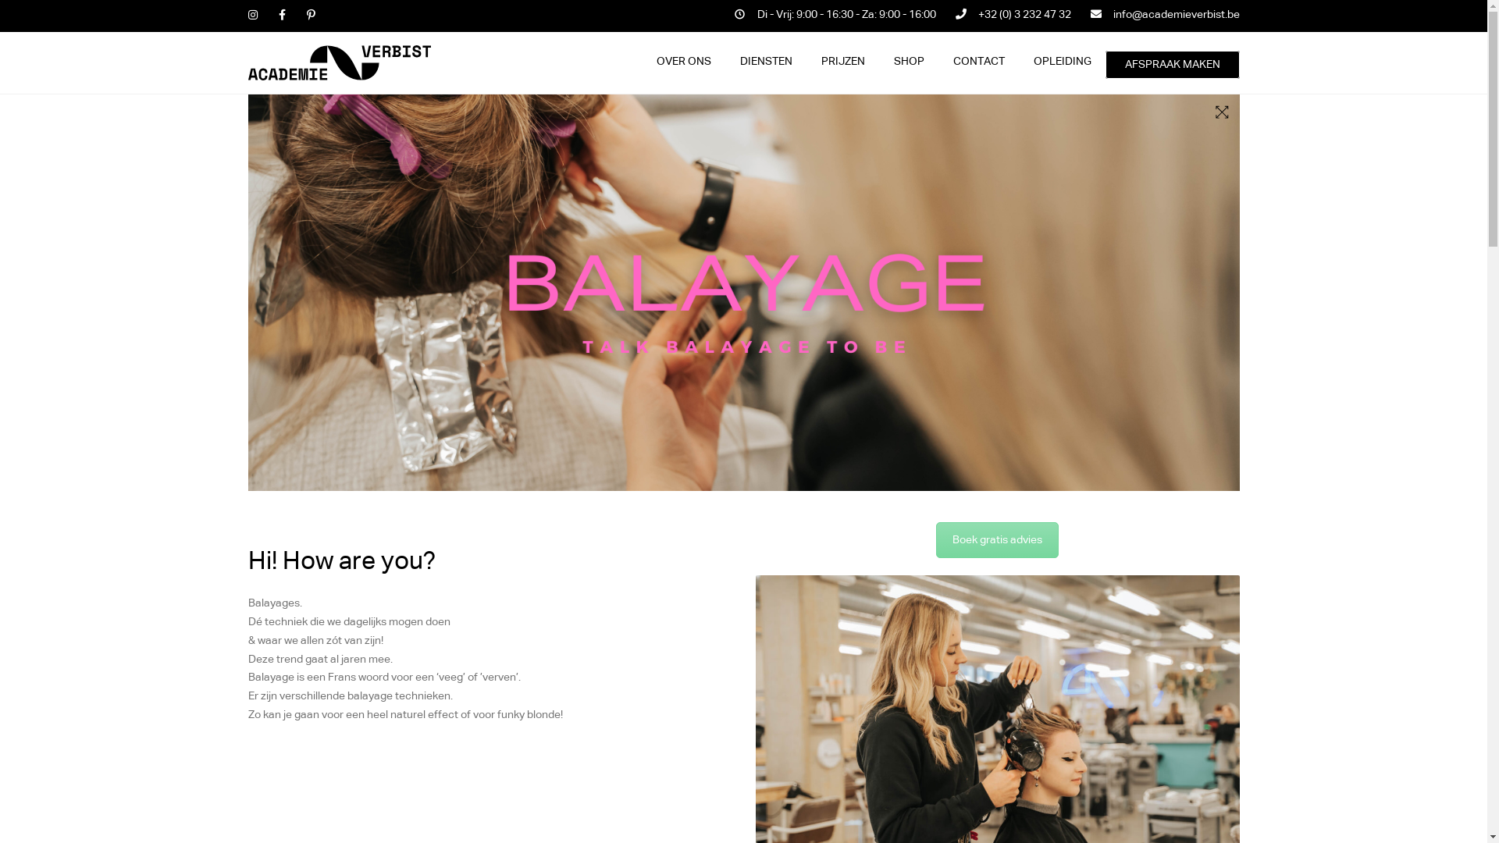 The width and height of the screenshot is (1499, 843). Describe the element at coordinates (1062, 62) in the screenshot. I see `'OPLEIDING'` at that location.